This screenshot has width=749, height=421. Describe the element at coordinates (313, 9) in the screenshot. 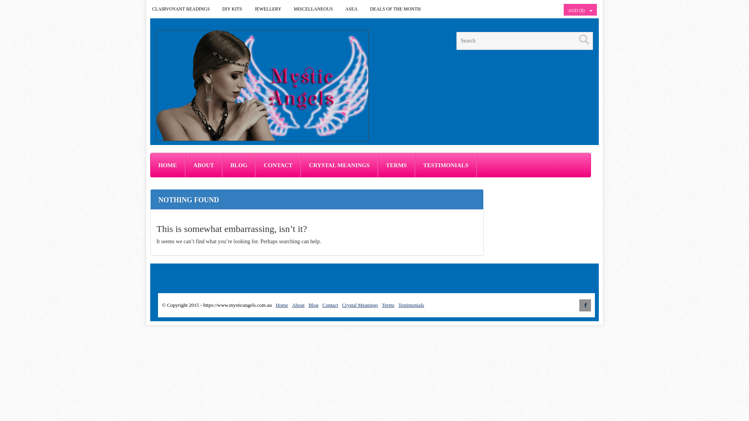

I see `'MISCELLANEOUS'` at that location.